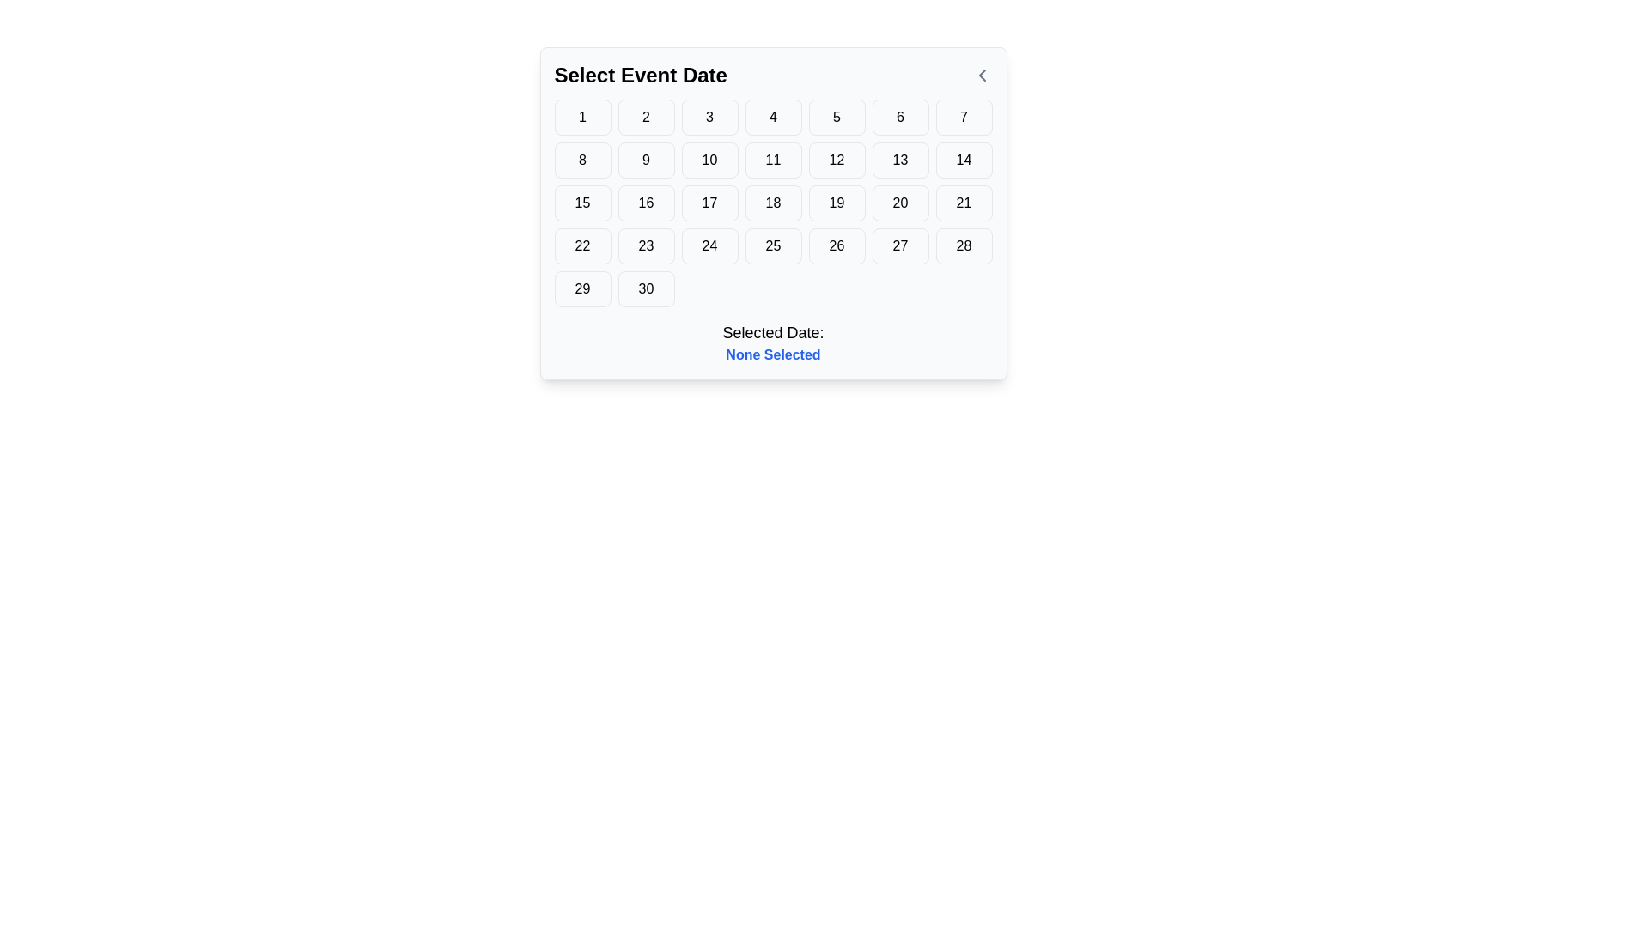 This screenshot has width=1649, height=927. What do you see at coordinates (582, 202) in the screenshot?
I see `the square button with a light gray background and the number '15' centered in black bold text, located in the 3rd row and 1st column of the grid in the 'Select Event Date' modal window` at bounding box center [582, 202].